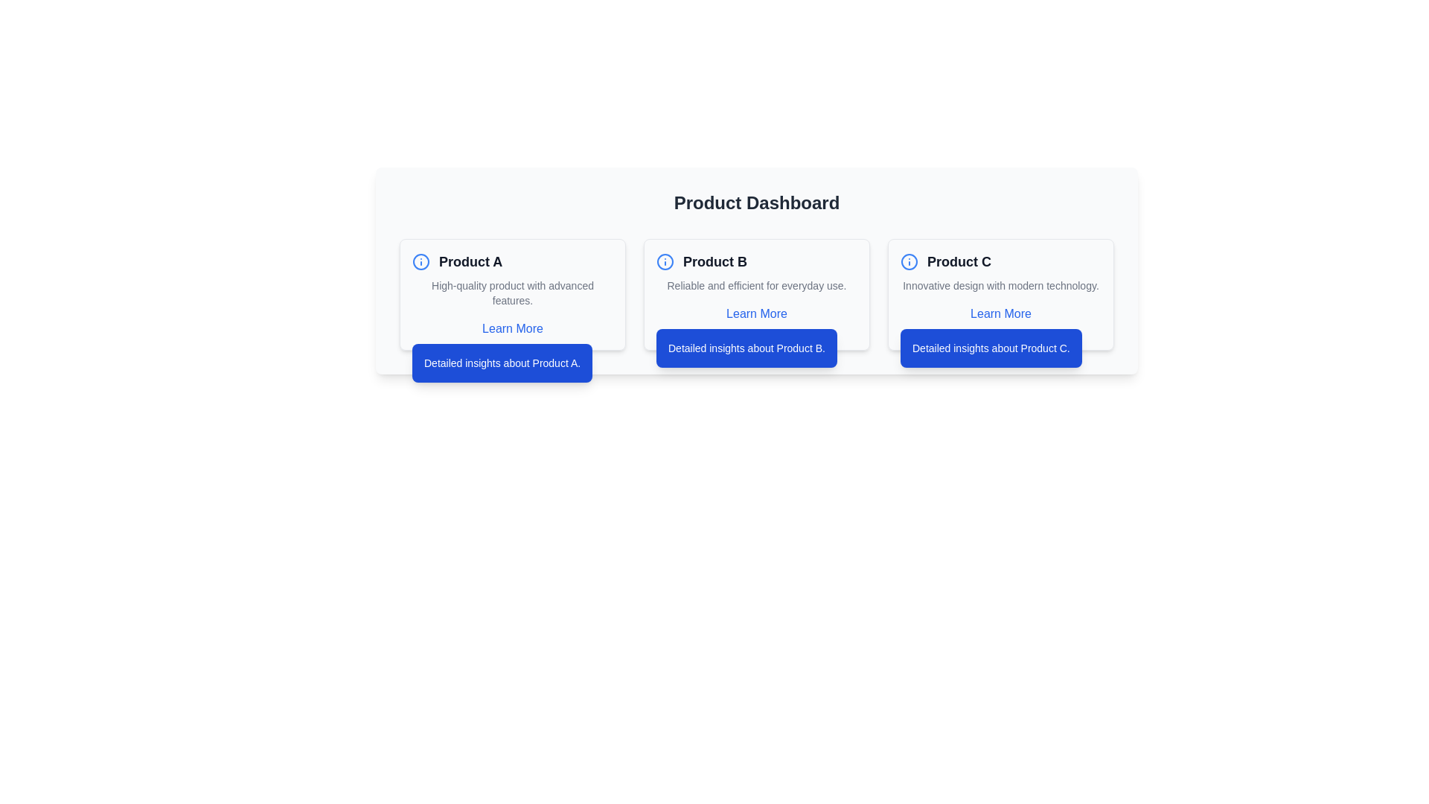 The height and width of the screenshot is (804, 1429). Describe the element at coordinates (1000, 313) in the screenshot. I see `the hyperlink located in the third column of the 'Product Dashboard' under the product card labeled 'Product C'` at that location.